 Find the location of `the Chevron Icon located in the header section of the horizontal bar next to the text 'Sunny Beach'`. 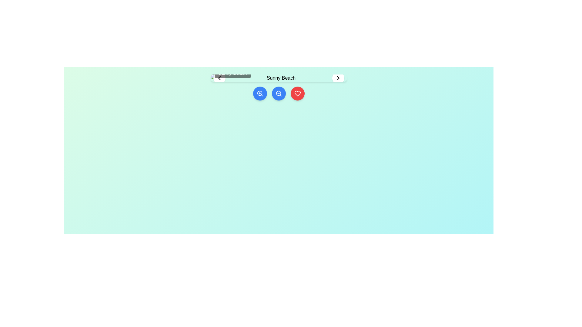

the Chevron Icon located in the header section of the horizontal bar next to the text 'Sunny Beach' is located at coordinates (219, 78).